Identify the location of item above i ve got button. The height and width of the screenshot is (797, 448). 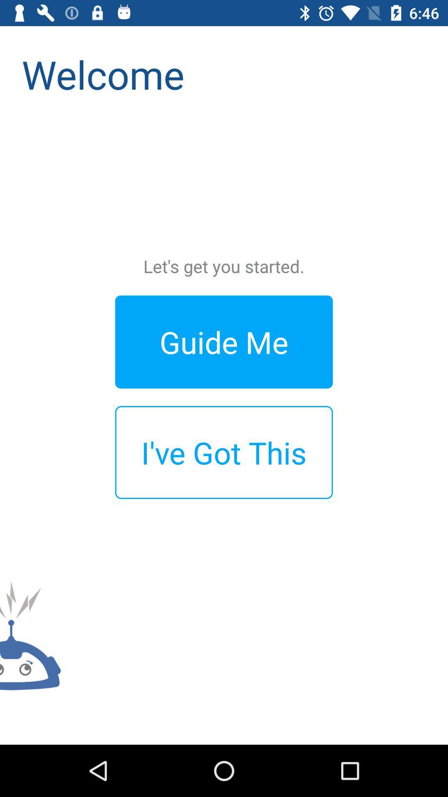
(224, 342).